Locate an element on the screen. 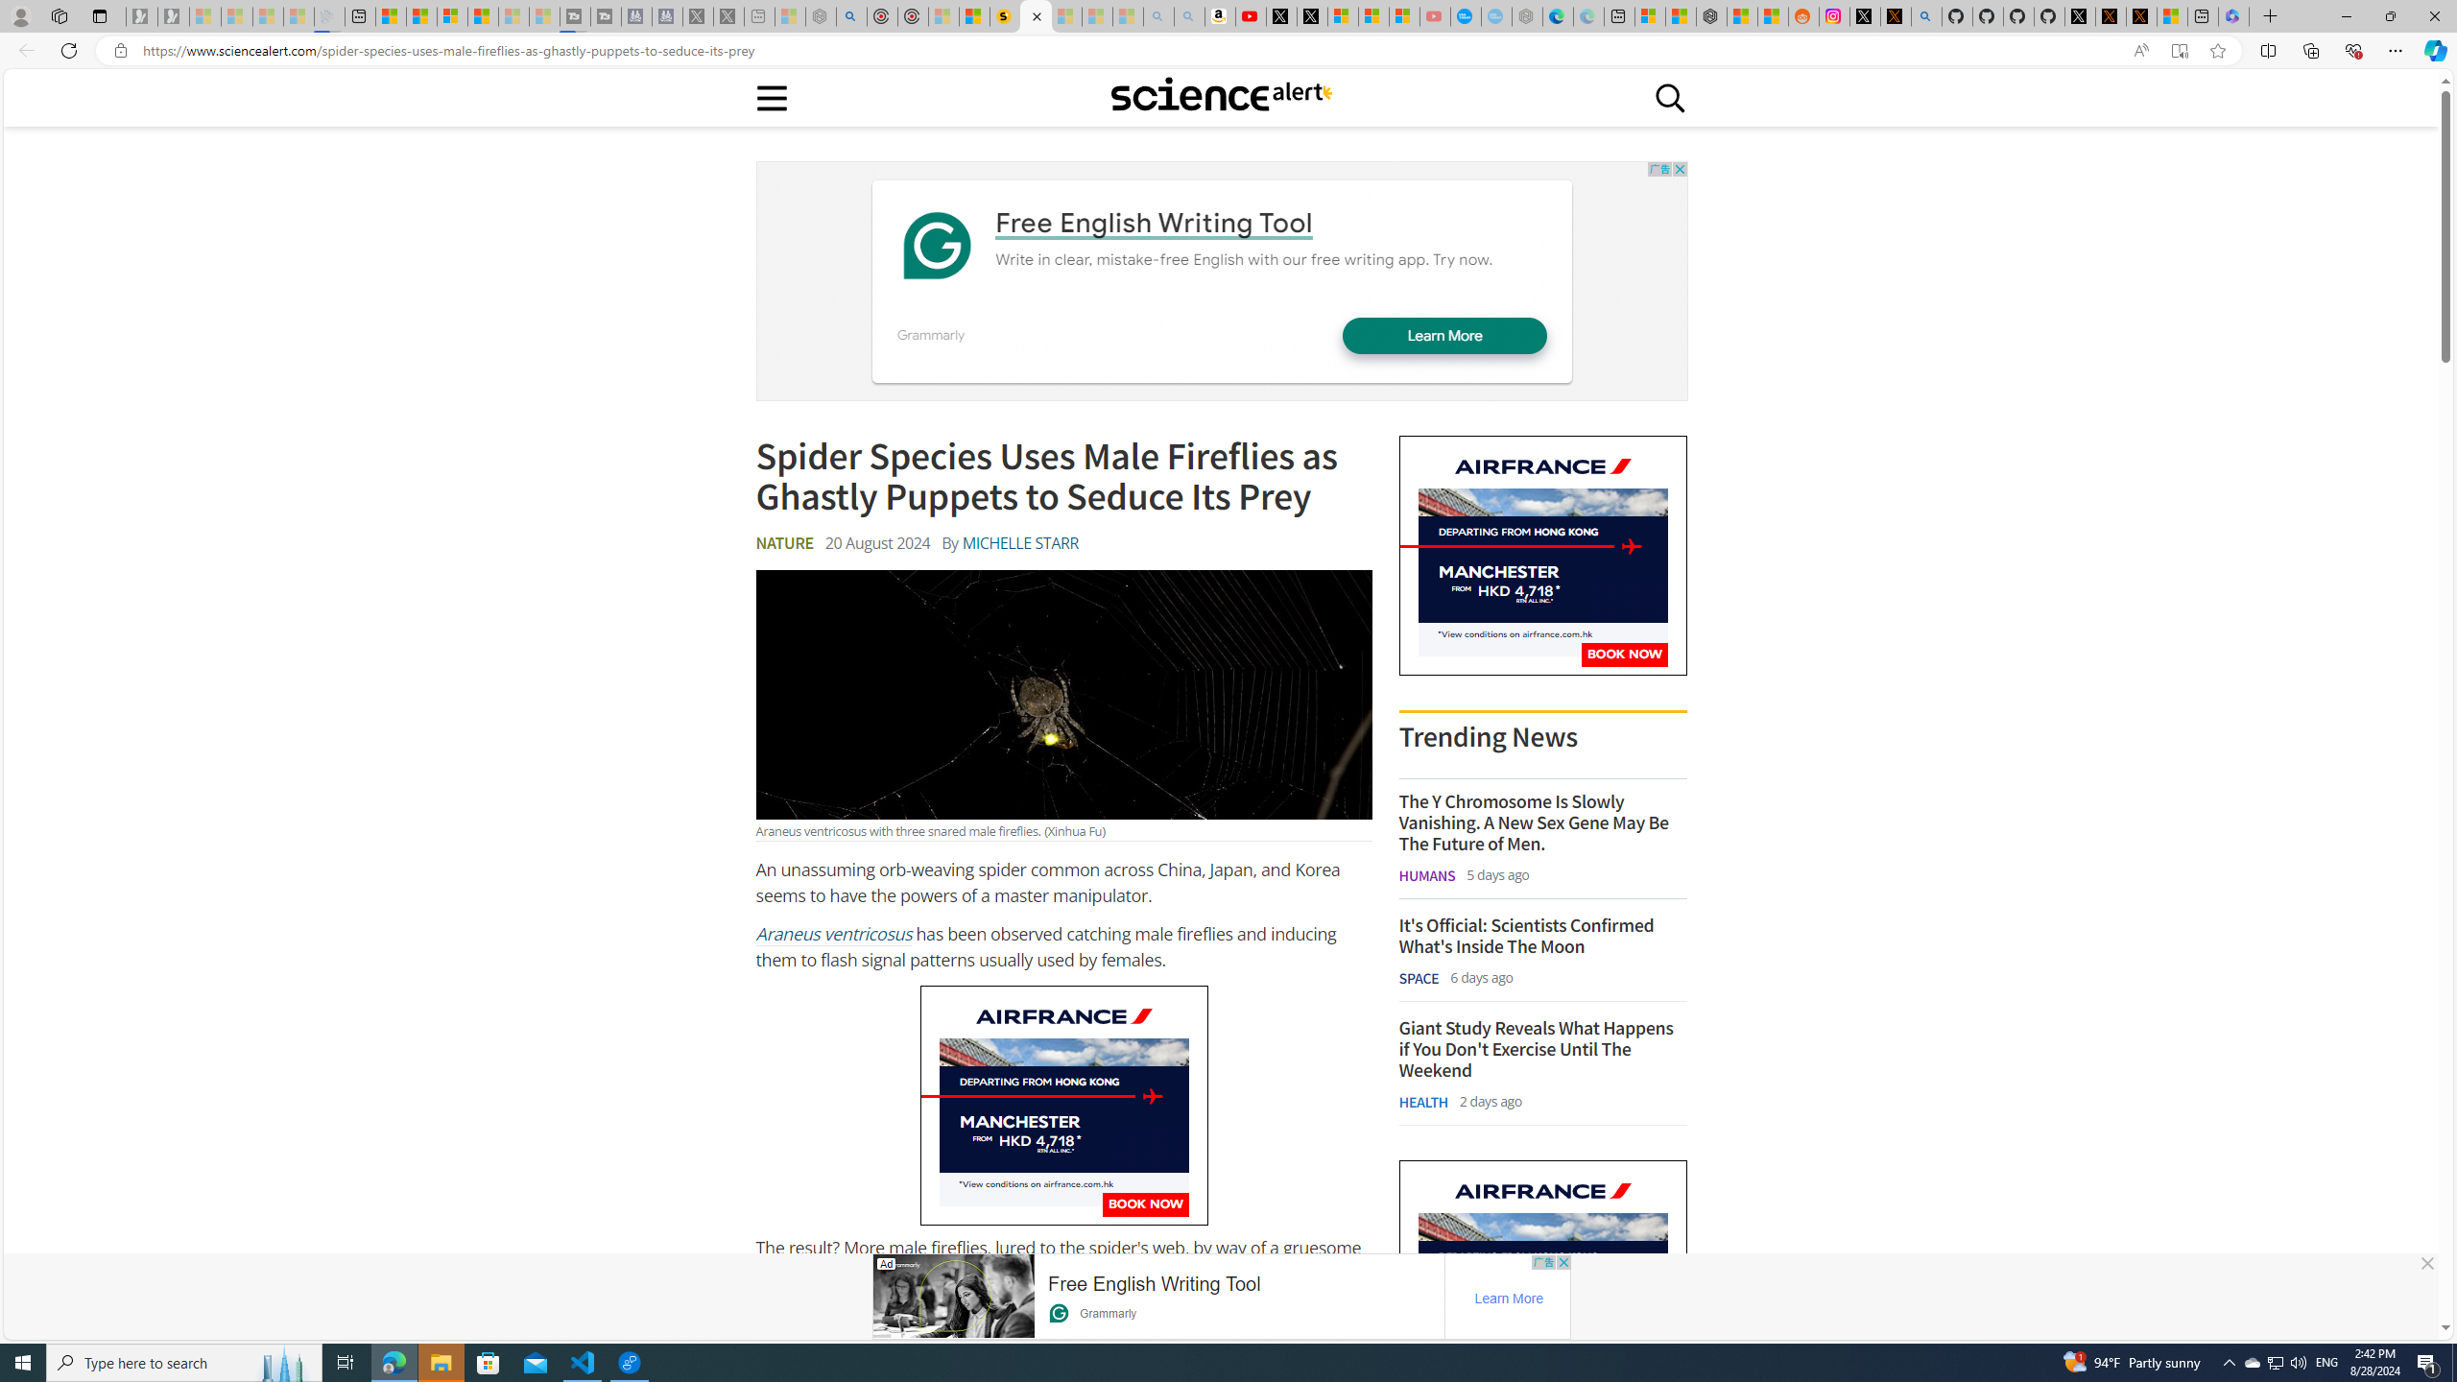 The width and height of the screenshot is (2457, 1382). 'It' is located at coordinates (1541, 934).